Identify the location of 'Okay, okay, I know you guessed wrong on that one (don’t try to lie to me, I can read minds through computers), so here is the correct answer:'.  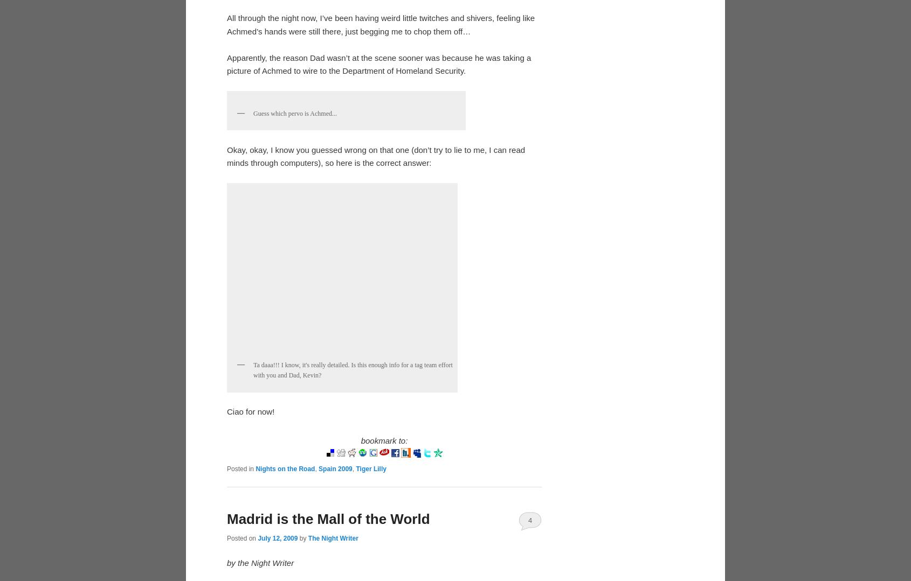
(375, 498).